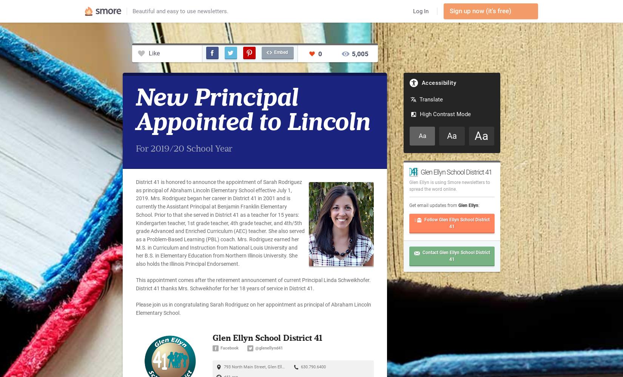 The height and width of the screenshot is (377, 623). Describe the element at coordinates (180, 11) in the screenshot. I see `'Beautiful and easy to use newsletters.'` at that location.